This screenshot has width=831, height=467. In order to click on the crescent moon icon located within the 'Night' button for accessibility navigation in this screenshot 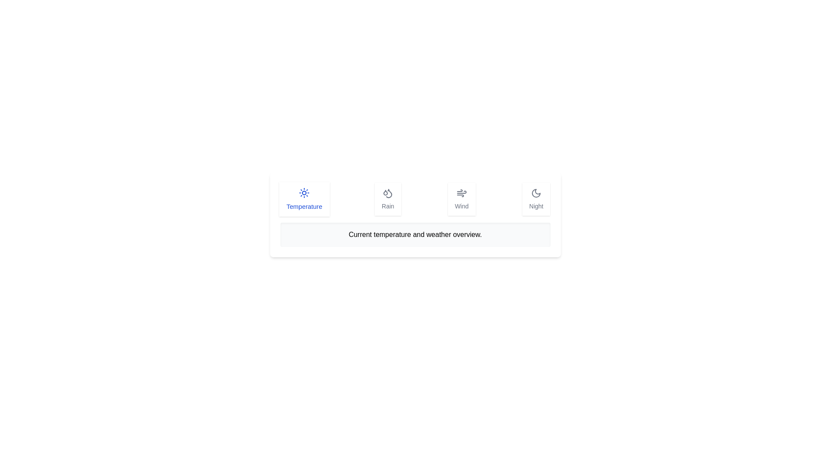, I will do `click(536, 193)`.